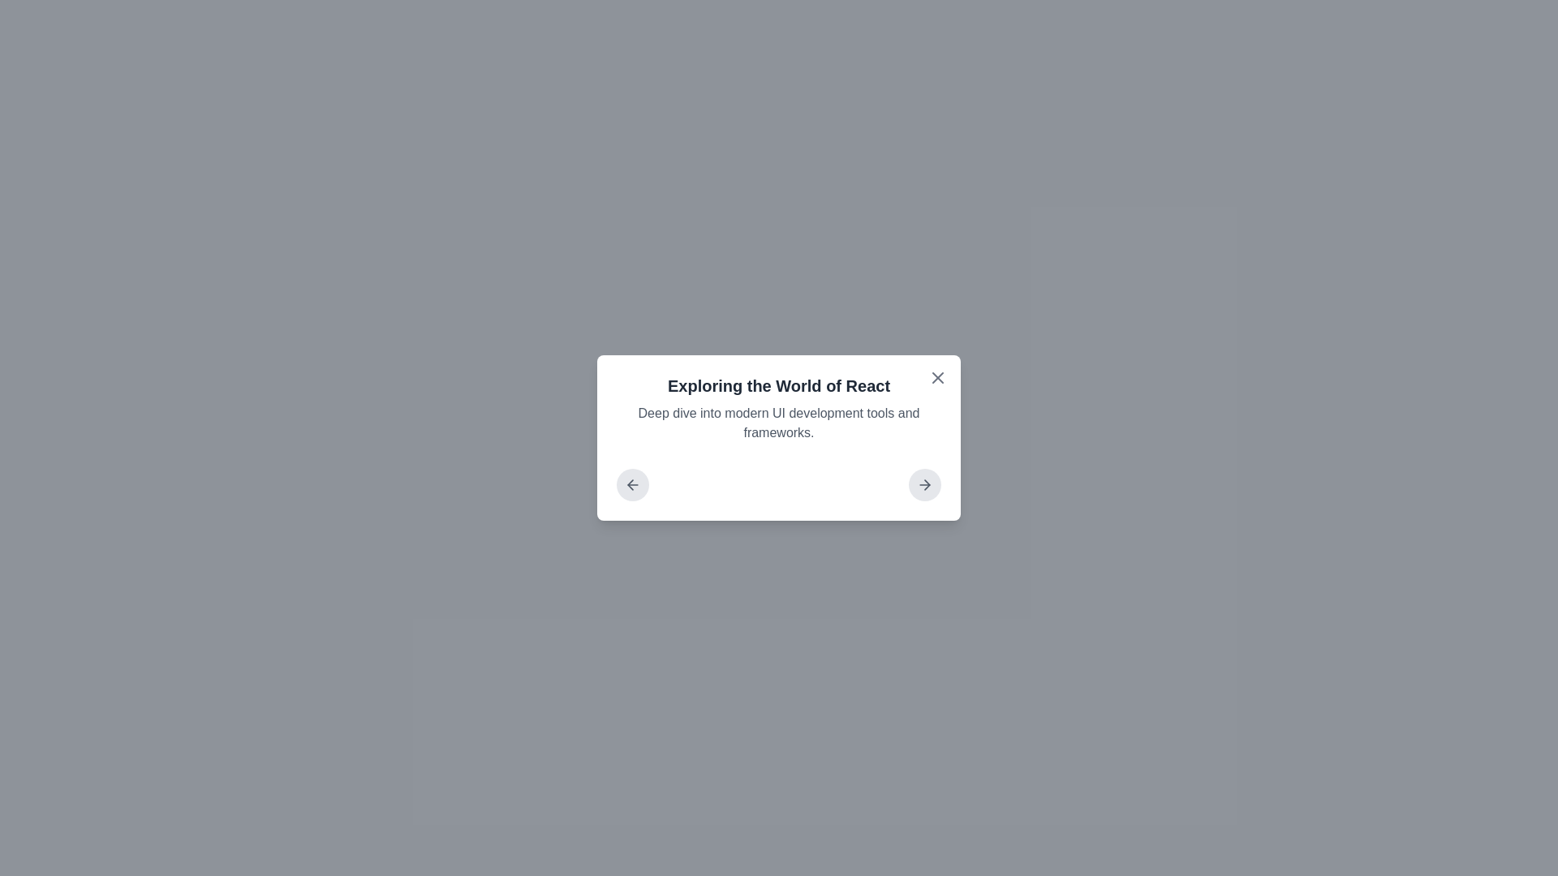 The height and width of the screenshot is (876, 1558). I want to click on the close button located in the top-right corner of the modal, adjacent to the title text 'Exploring the World of React', to observe the color change, so click(938, 378).